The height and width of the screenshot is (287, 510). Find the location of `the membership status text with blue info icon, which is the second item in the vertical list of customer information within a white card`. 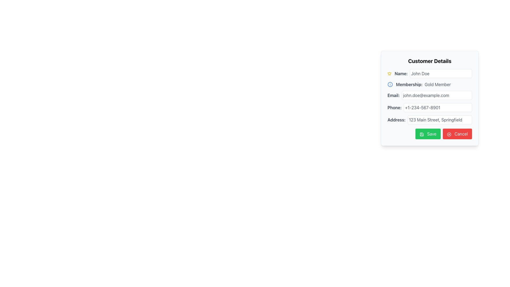

the membership status text with blue info icon, which is the second item in the vertical list of customer information within a white card is located at coordinates (430, 84).